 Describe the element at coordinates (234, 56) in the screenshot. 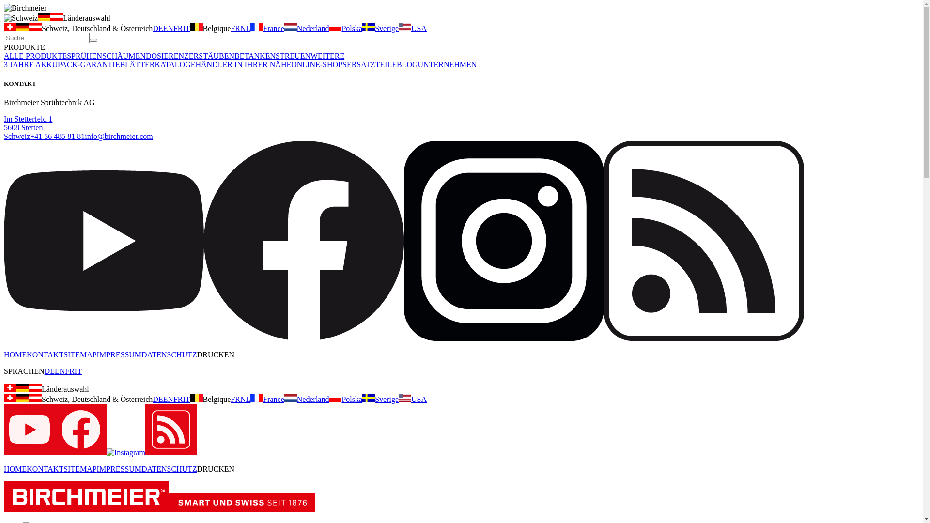

I see `'BETANKEN'` at that location.